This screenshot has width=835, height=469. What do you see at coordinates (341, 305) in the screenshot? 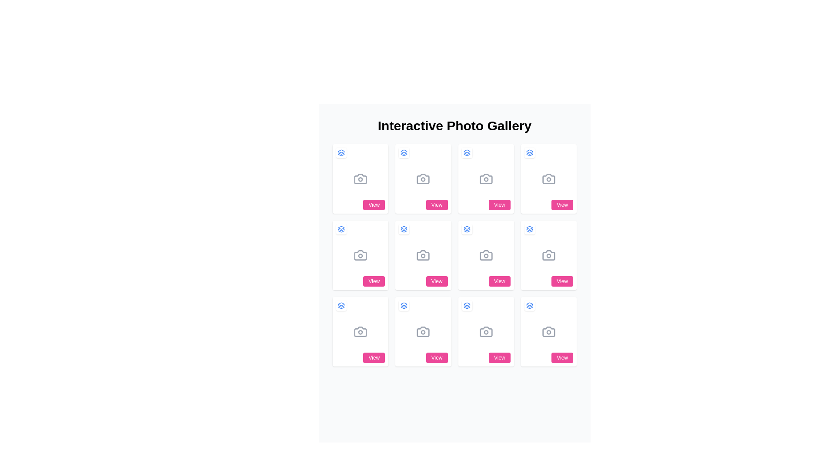
I see `the blue stacked layers icon located in the top-left corner of the card in the grid` at bounding box center [341, 305].